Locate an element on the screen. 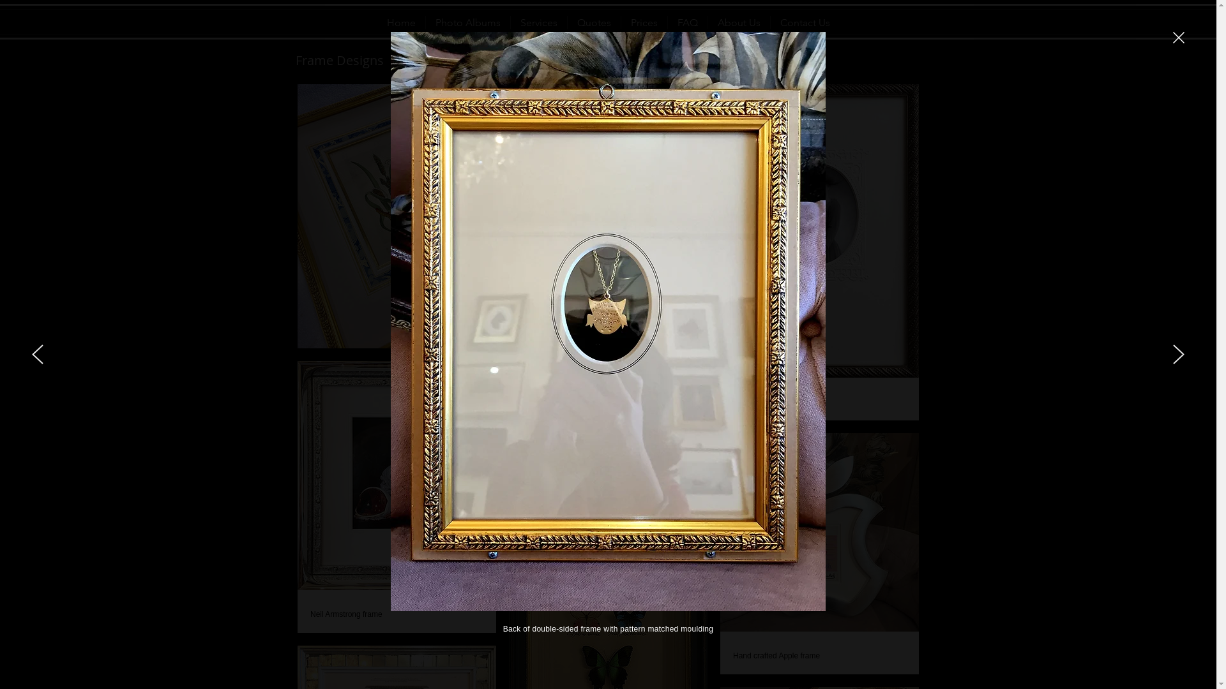 Image resolution: width=1226 pixels, height=689 pixels. 'Prices' is located at coordinates (644, 22).